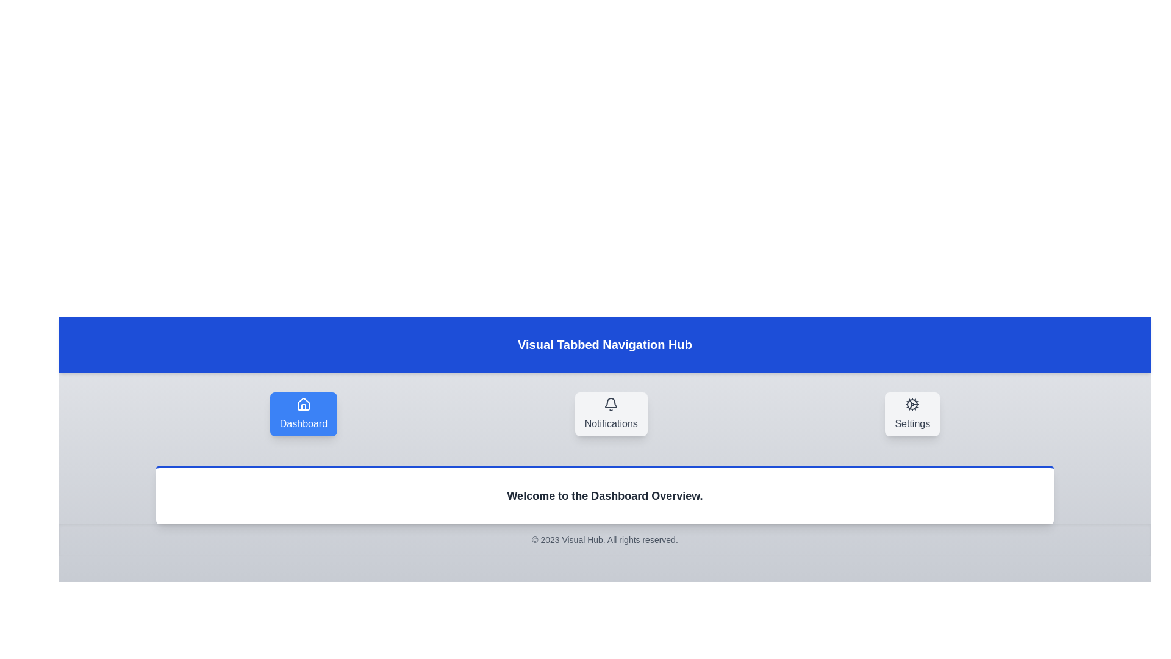  What do you see at coordinates (611, 405) in the screenshot?
I see `the notification bell icon, which is represented by a minimalist line-art design in dark gray or black, located in the middle panel of the interface as part of the Notifications button` at bounding box center [611, 405].